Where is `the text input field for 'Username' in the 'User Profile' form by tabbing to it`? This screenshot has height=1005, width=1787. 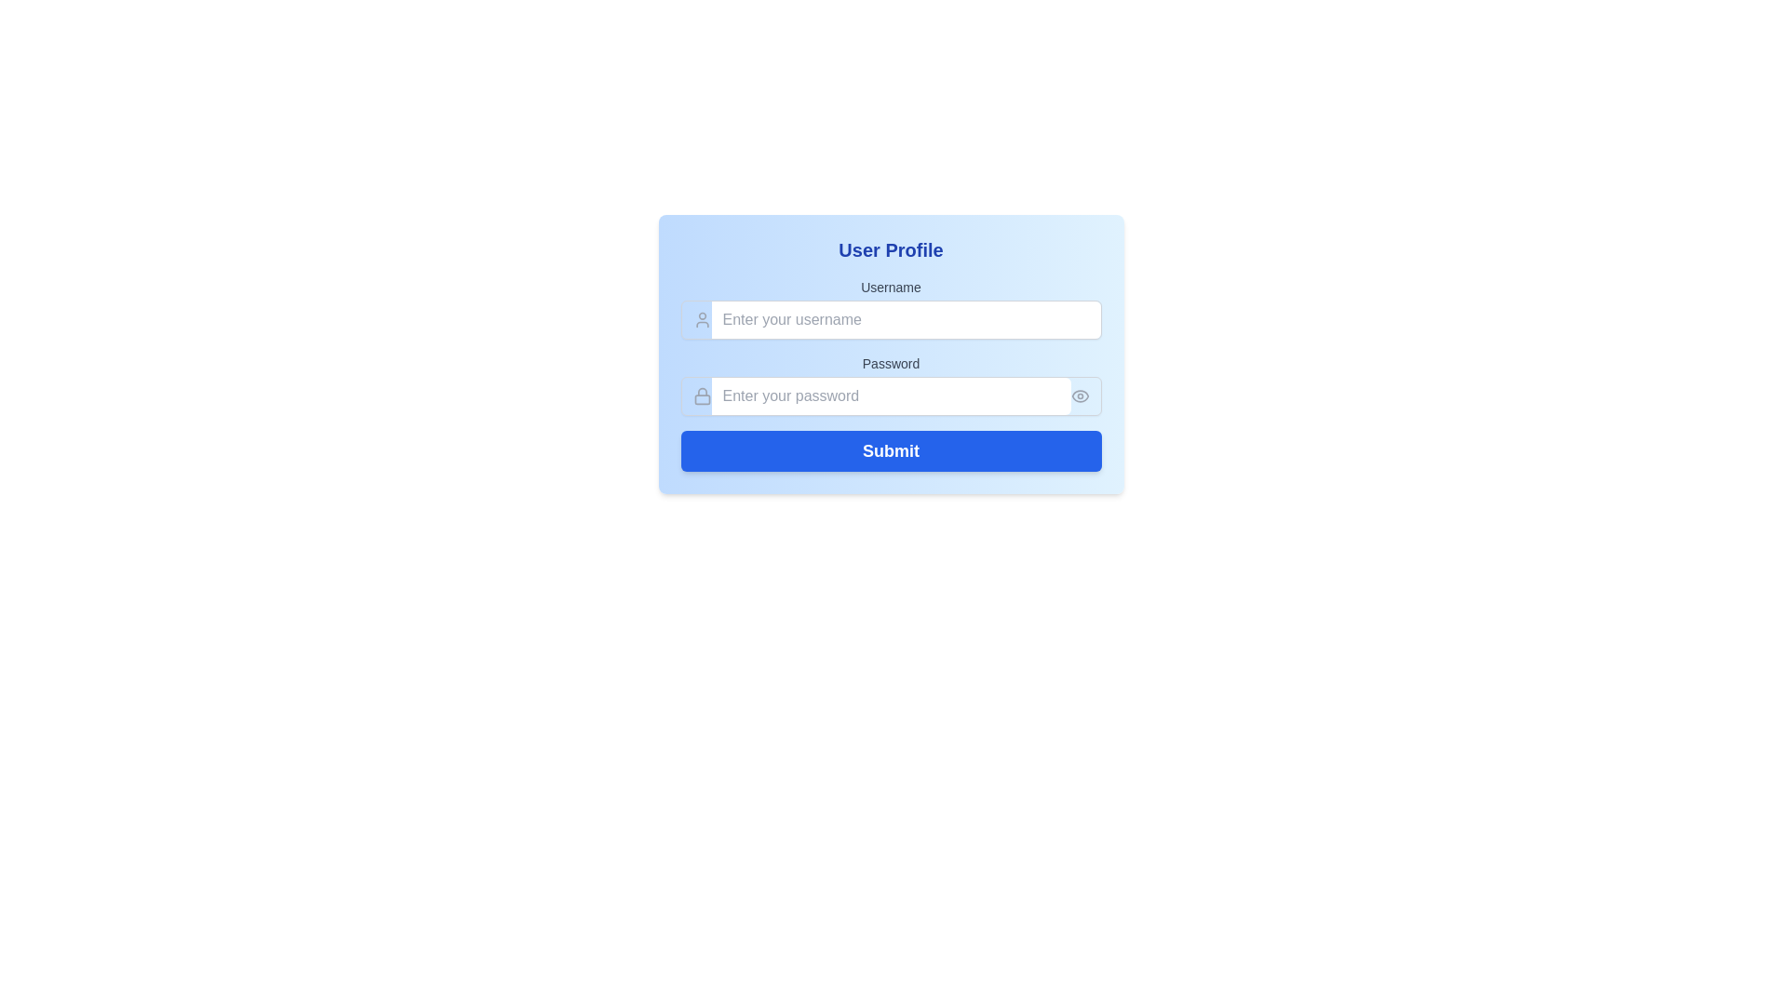 the text input field for 'Username' in the 'User Profile' form by tabbing to it is located at coordinates (906, 318).